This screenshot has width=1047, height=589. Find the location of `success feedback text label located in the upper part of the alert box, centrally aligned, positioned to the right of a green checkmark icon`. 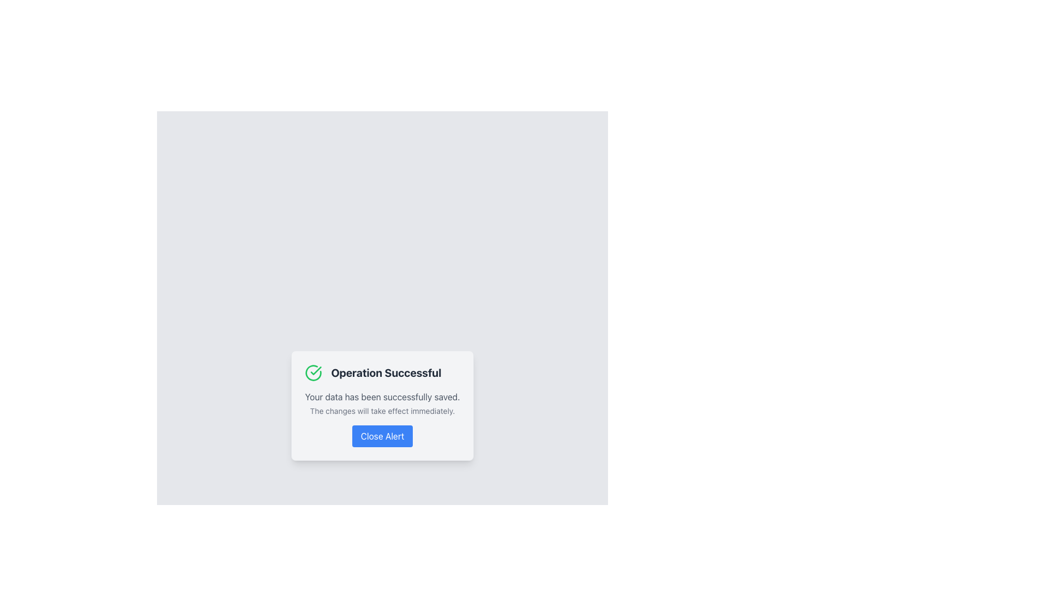

success feedback text label located in the upper part of the alert box, centrally aligned, positioned to the right of a green checkmark icon is located at coordinates (386, 372).